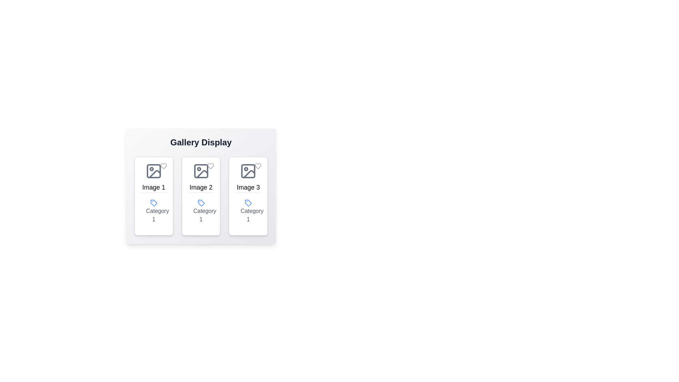  I want to click on the element containing the text 'Category 1' with a blue tag icon, located in the bottom section of the card labeled 'Image 1', so click(153, 210).